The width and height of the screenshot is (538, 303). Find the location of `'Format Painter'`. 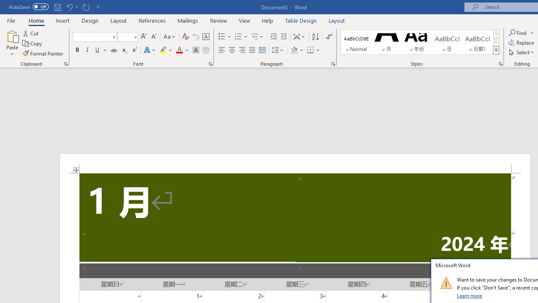

'Format Painter' is located at coordinates (43, 53).